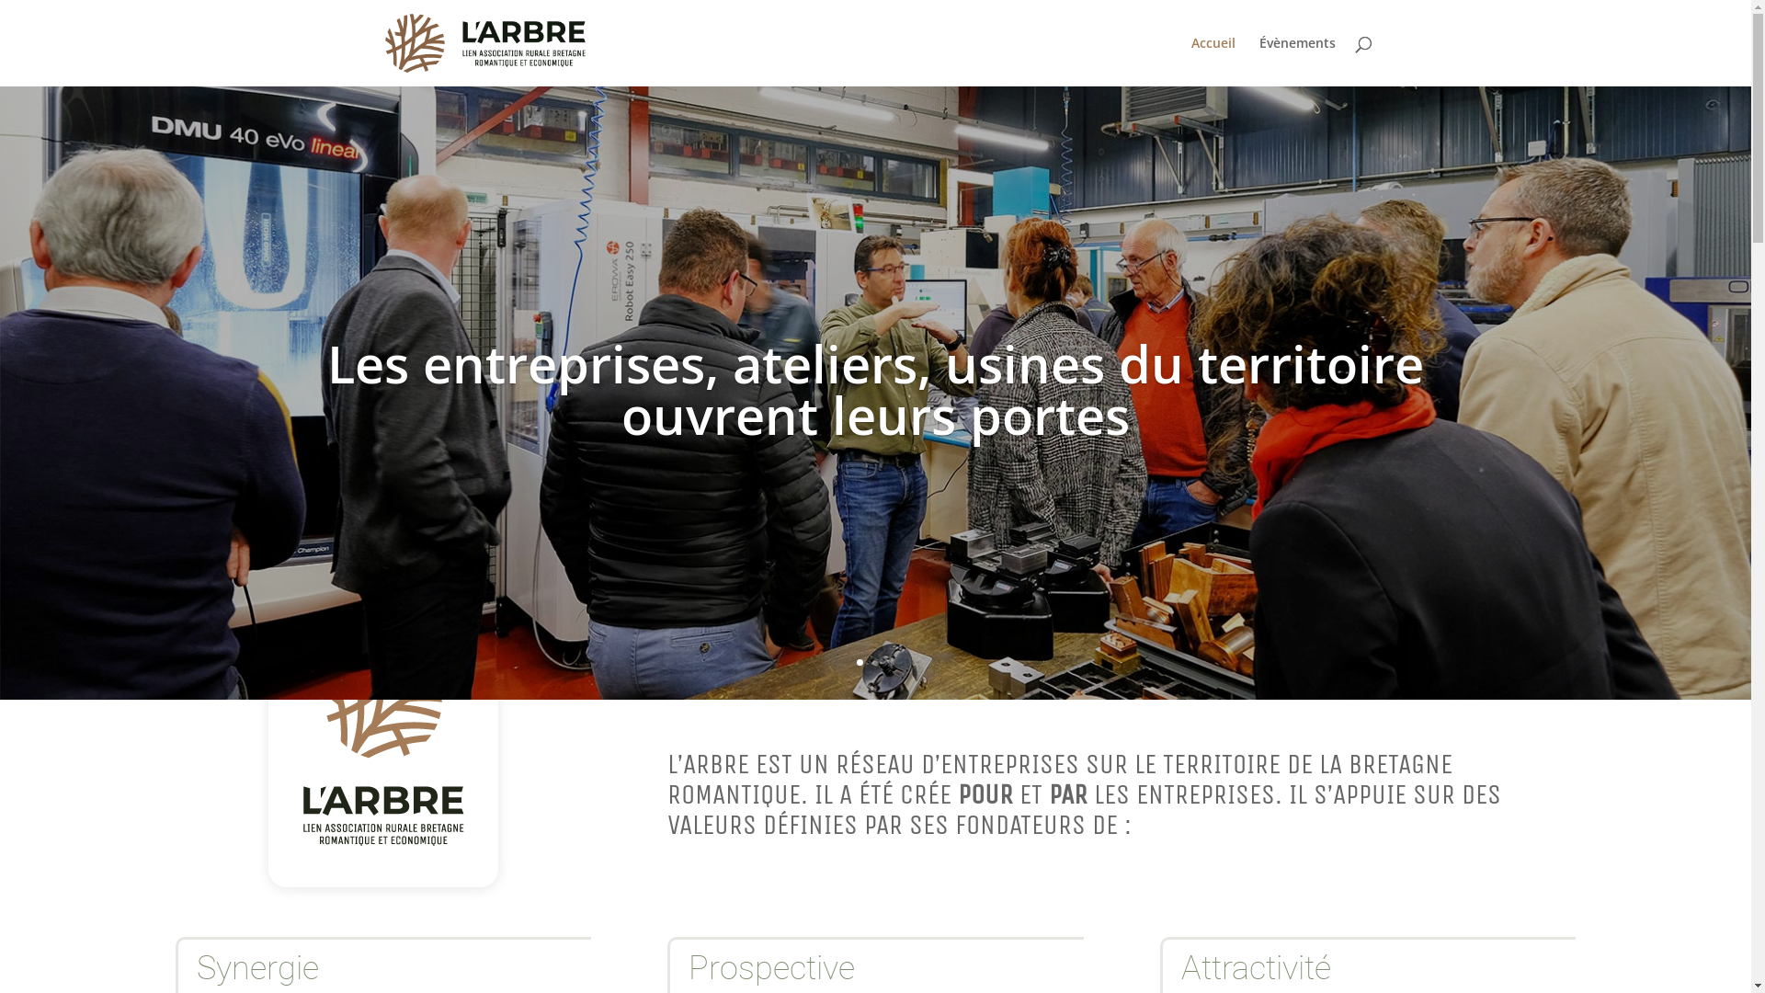  What do you see at coordinates (382, 745) in the screenshot?
I see `'logo-larbre-reseau-entreprises-bretagne-romantique-blanc'` at bounding box center [382, 745].